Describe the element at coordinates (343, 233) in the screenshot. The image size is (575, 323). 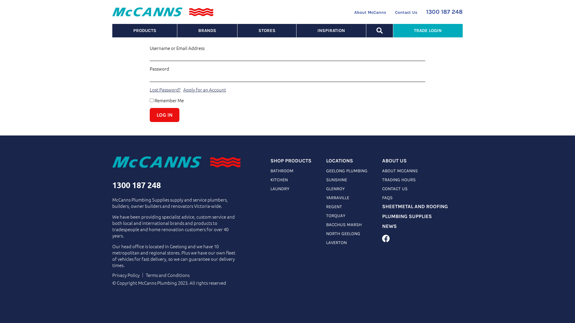
I see `'NORTH GEELONG'` at that location.